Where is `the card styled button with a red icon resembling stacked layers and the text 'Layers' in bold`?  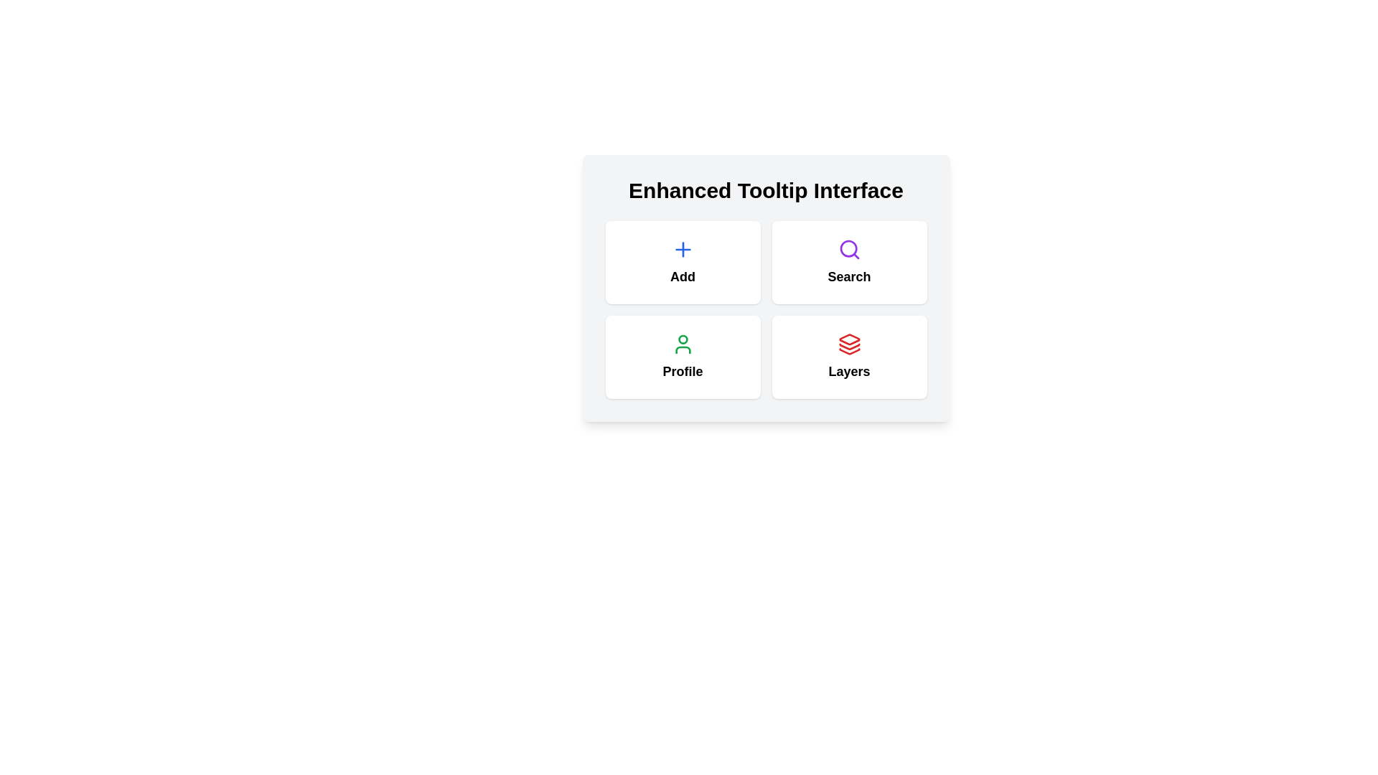
the card styled button with a red icon resembling stacked layers and the text 'Layers' in bold is located at coordinates (849, 356).